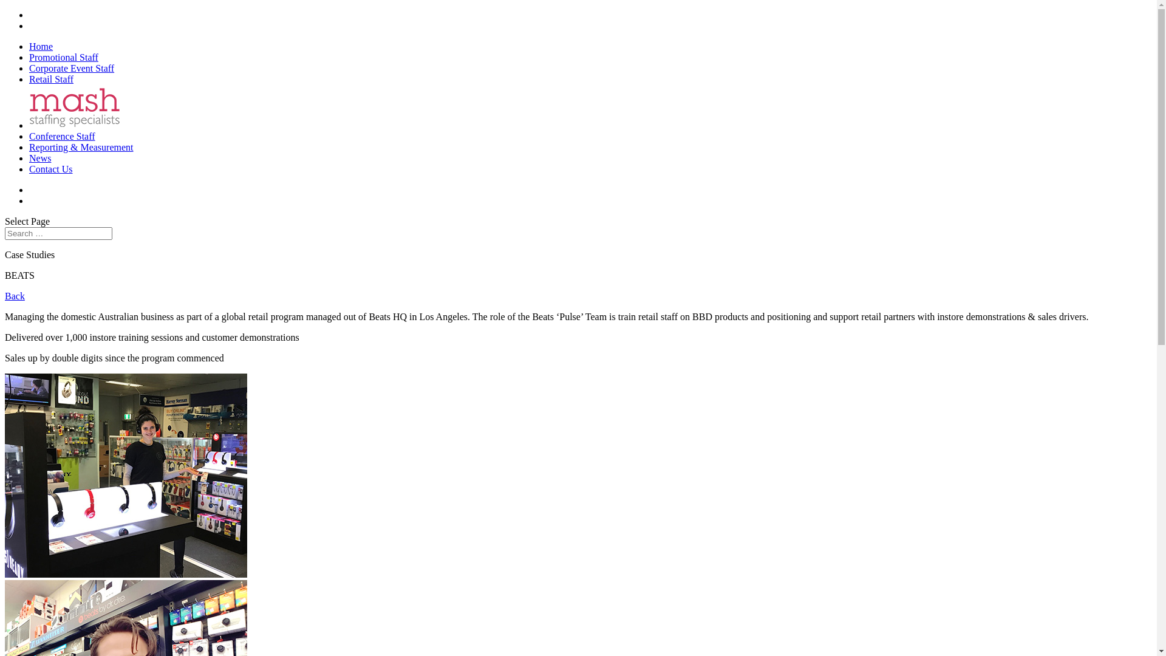 This screenshot has width=1166, height=656. I want to click on 'Reporting & Measurement', so click(29, 146).